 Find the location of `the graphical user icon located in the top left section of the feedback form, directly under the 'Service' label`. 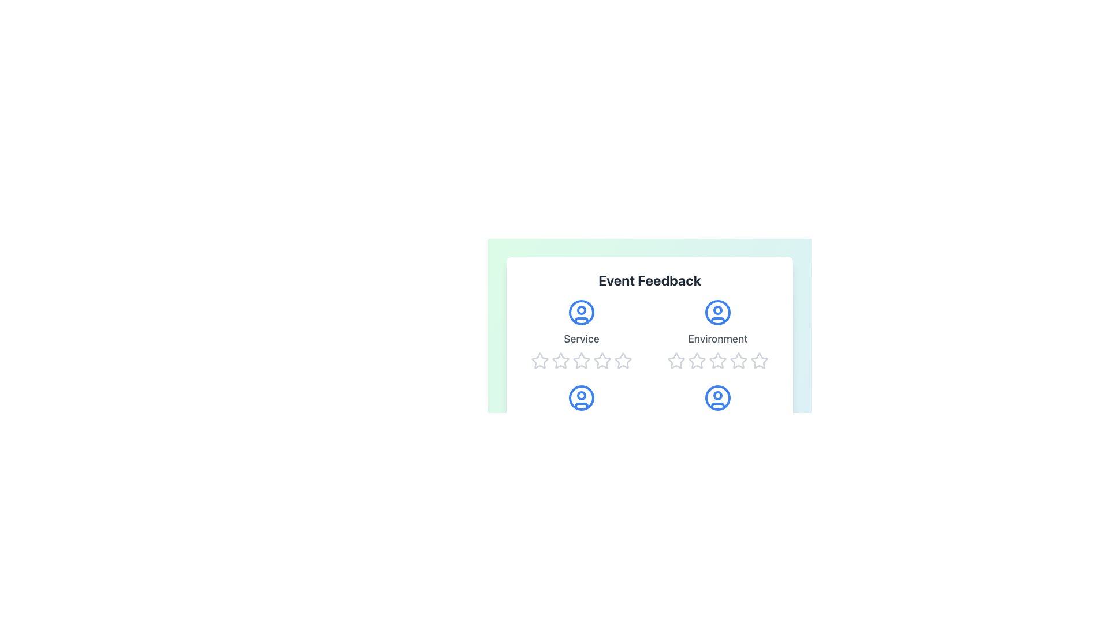

the graphical user icon located in the top left section of the feedback form, directly under the 'Service' label is located at coordinates (582, 313).